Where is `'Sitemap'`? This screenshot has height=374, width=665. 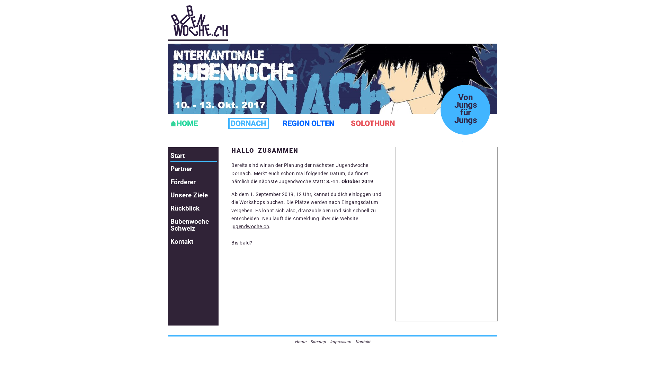 'Sitemap' is located at coordinates (318, 341).